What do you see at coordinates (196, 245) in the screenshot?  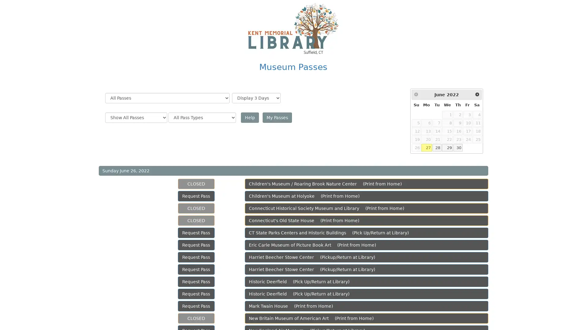 I see `Request Pass` at bounding box center [196, 245].